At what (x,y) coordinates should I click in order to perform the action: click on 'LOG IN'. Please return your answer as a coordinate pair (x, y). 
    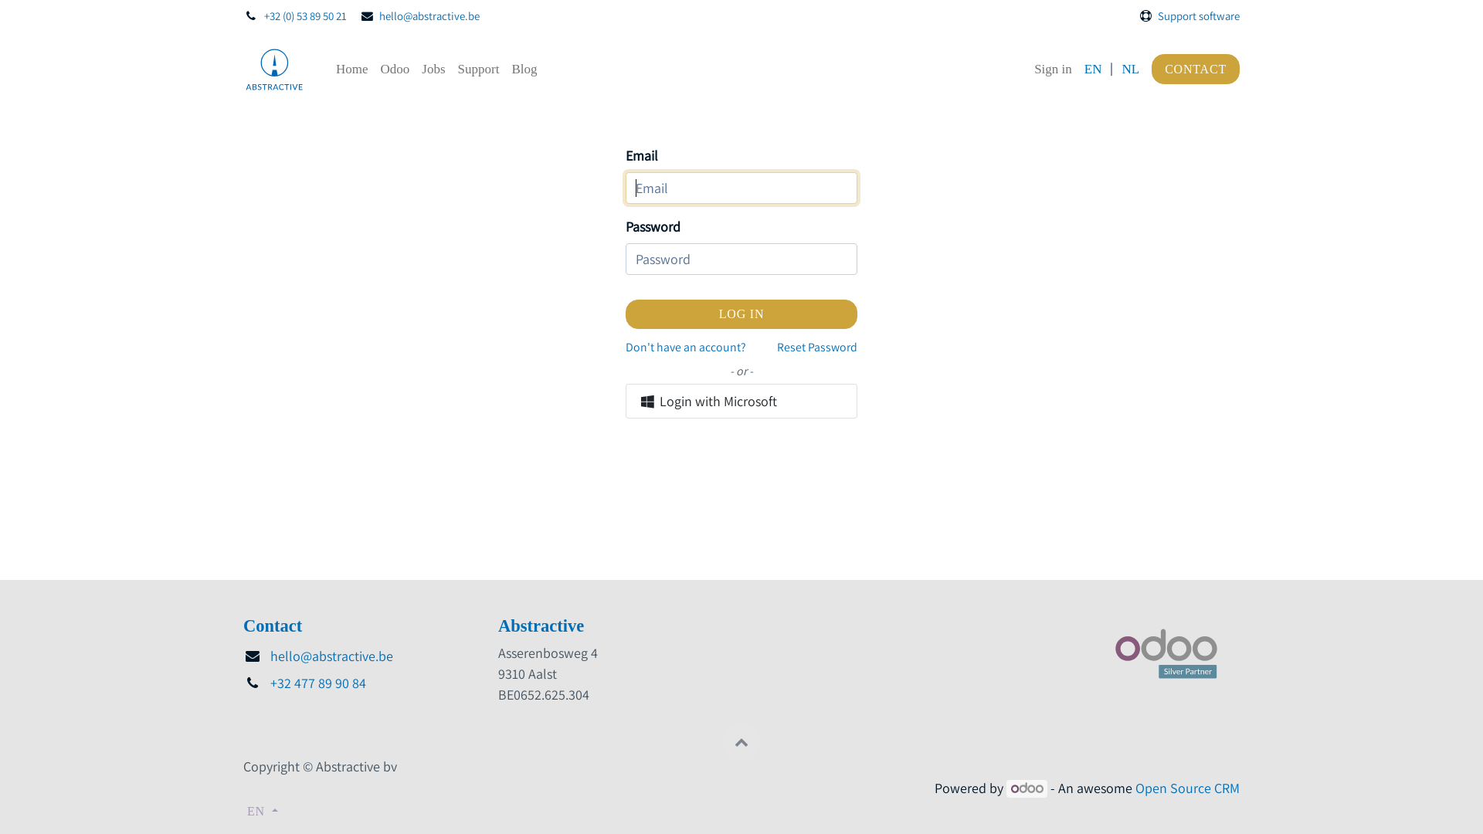
    Looking at the image, I should click on (741, 314).